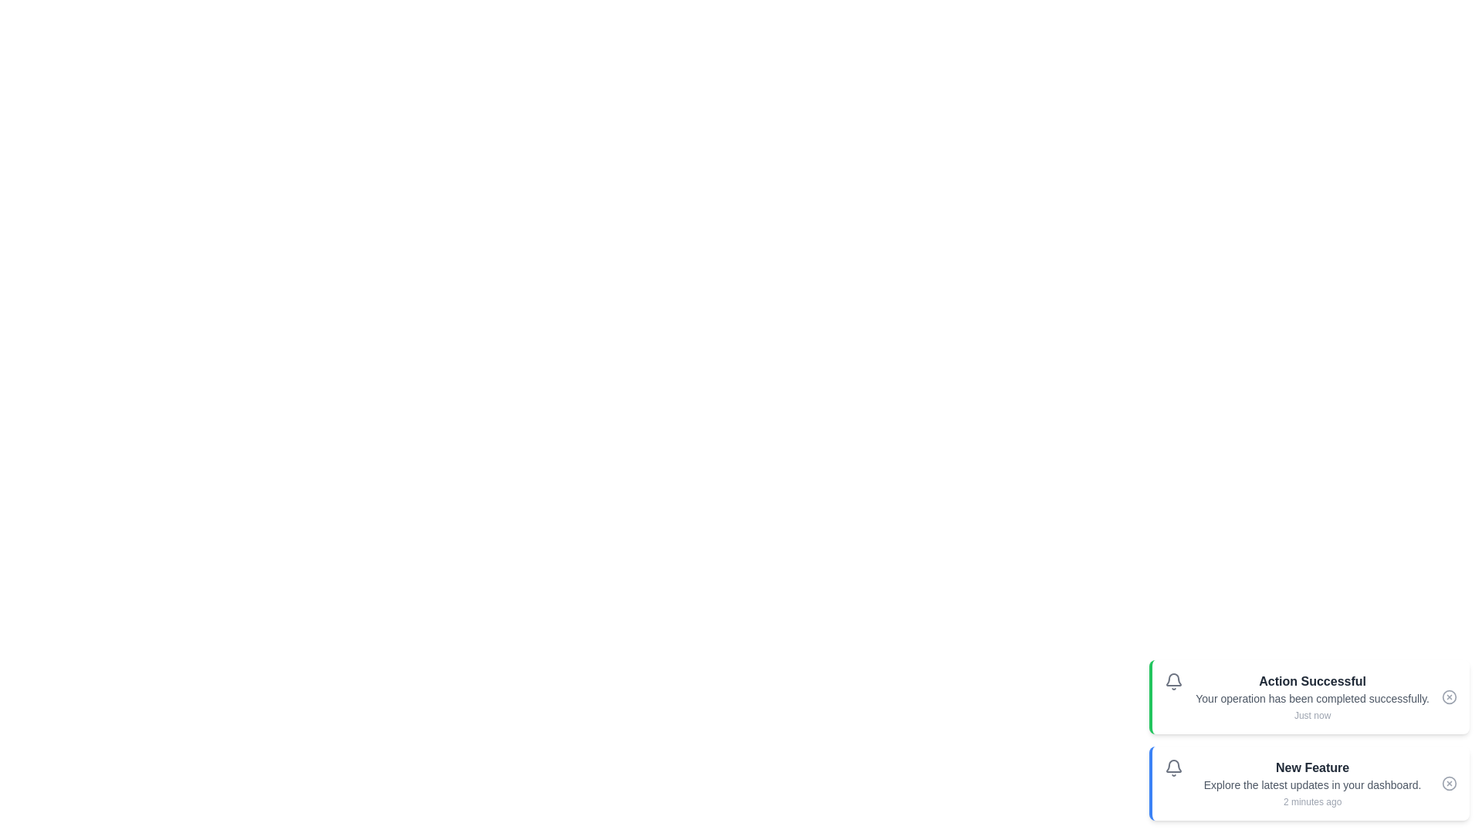 The image size is (1482, 833). Describe the element at coordinates (1173, 767) in the screenshot. I see `the bell icon representing a notification in the 'New Feature' notification card` at that location.